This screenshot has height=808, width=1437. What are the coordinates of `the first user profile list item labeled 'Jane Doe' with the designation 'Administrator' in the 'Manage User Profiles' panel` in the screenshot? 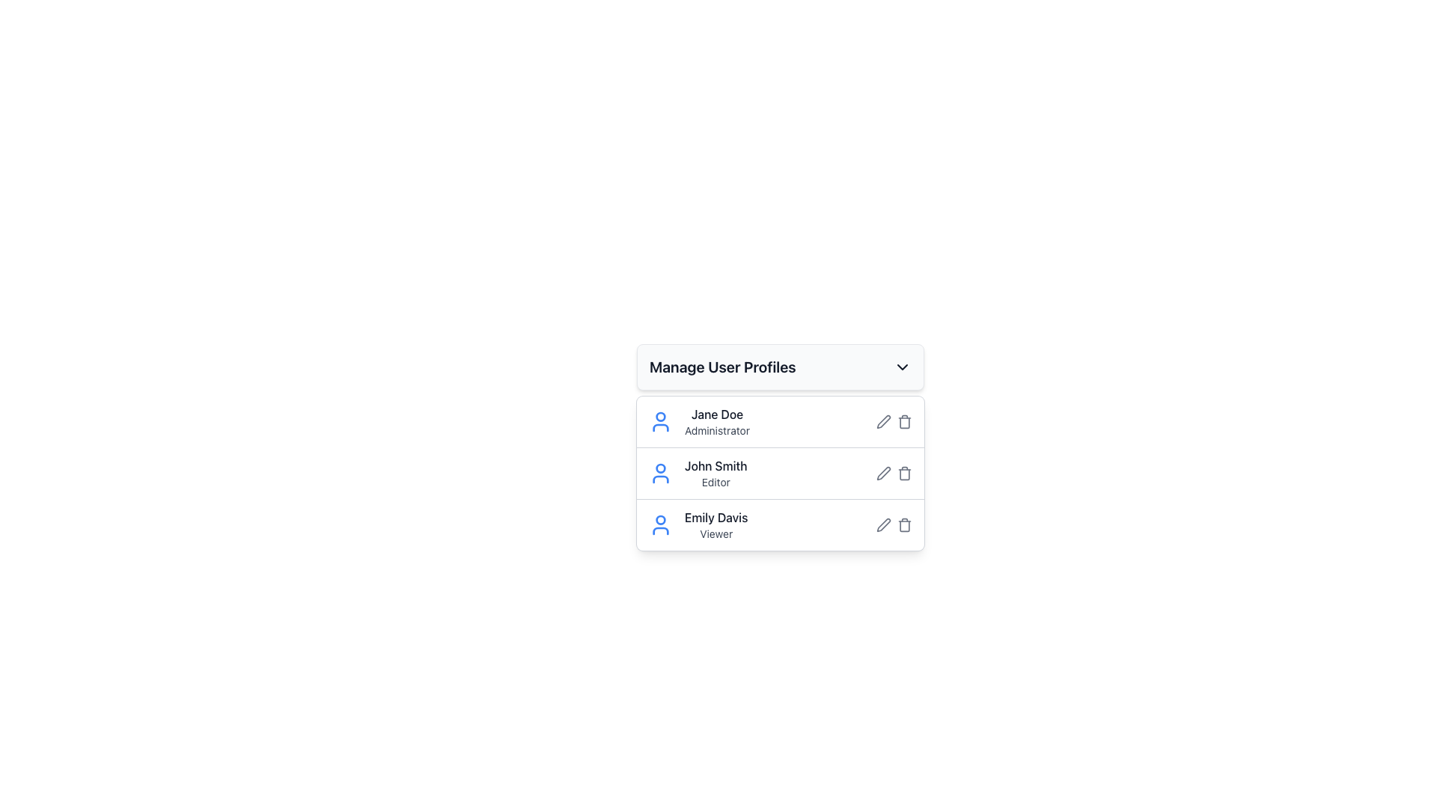 It's located at (698, 421).